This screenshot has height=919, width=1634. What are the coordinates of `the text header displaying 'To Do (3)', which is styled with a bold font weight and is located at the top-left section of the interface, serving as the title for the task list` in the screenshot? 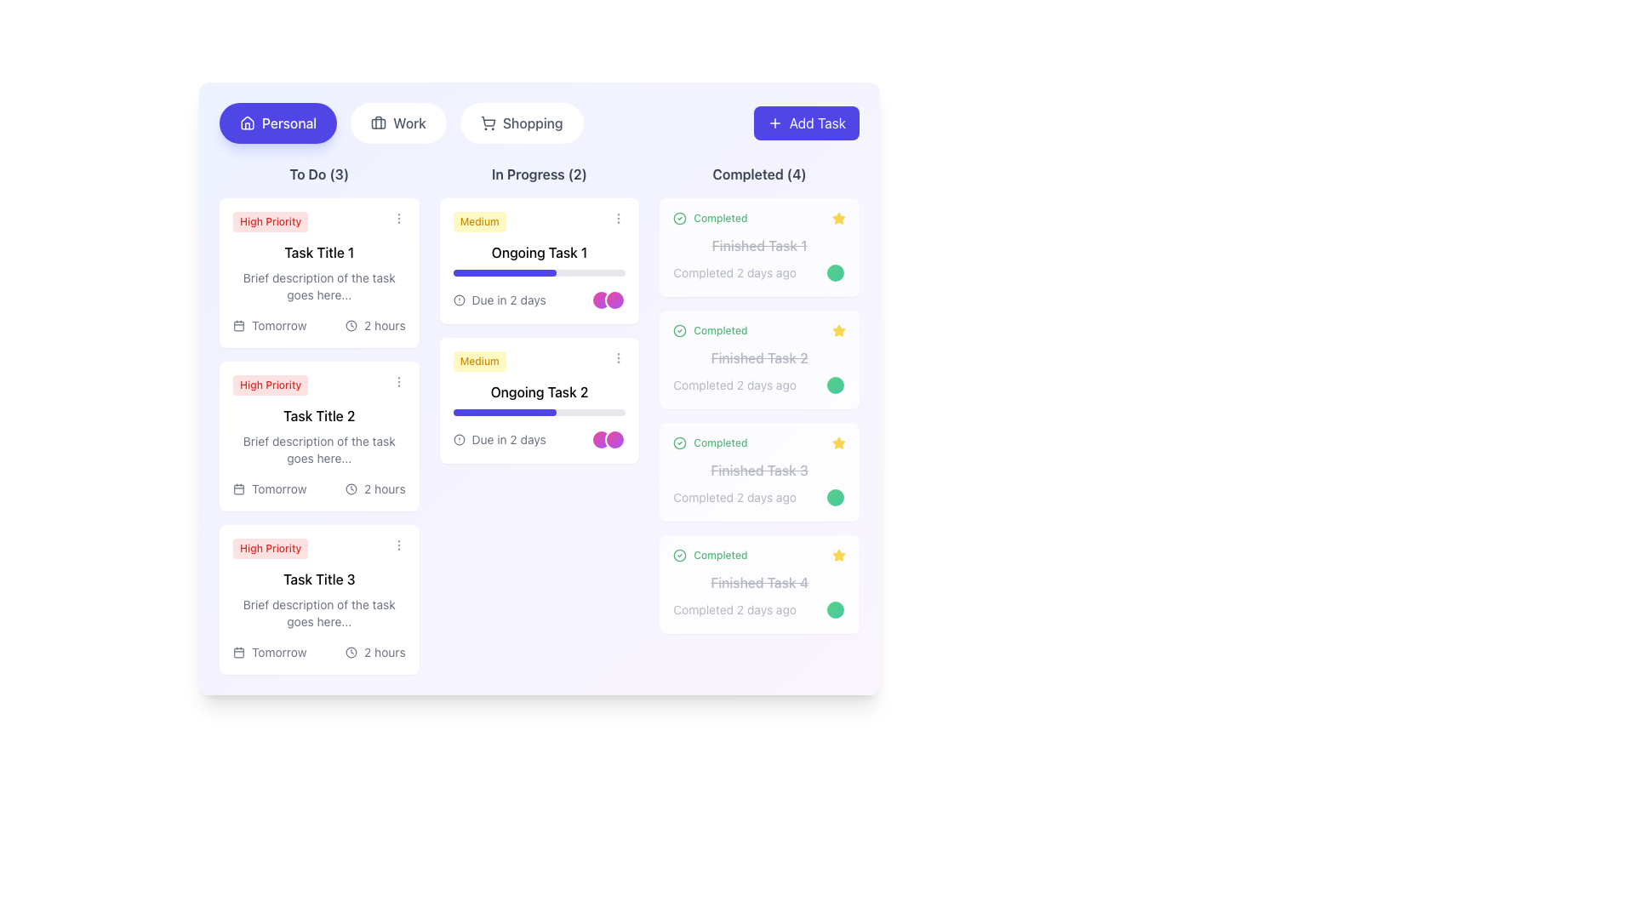 It's located at (319, 174).